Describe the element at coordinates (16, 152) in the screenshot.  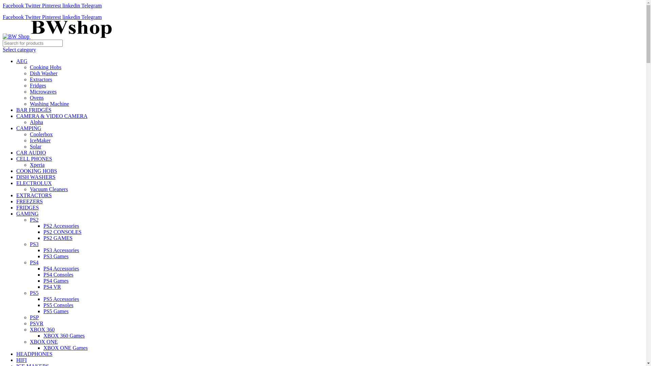
I see `'CAR AUDIO'` at that location.